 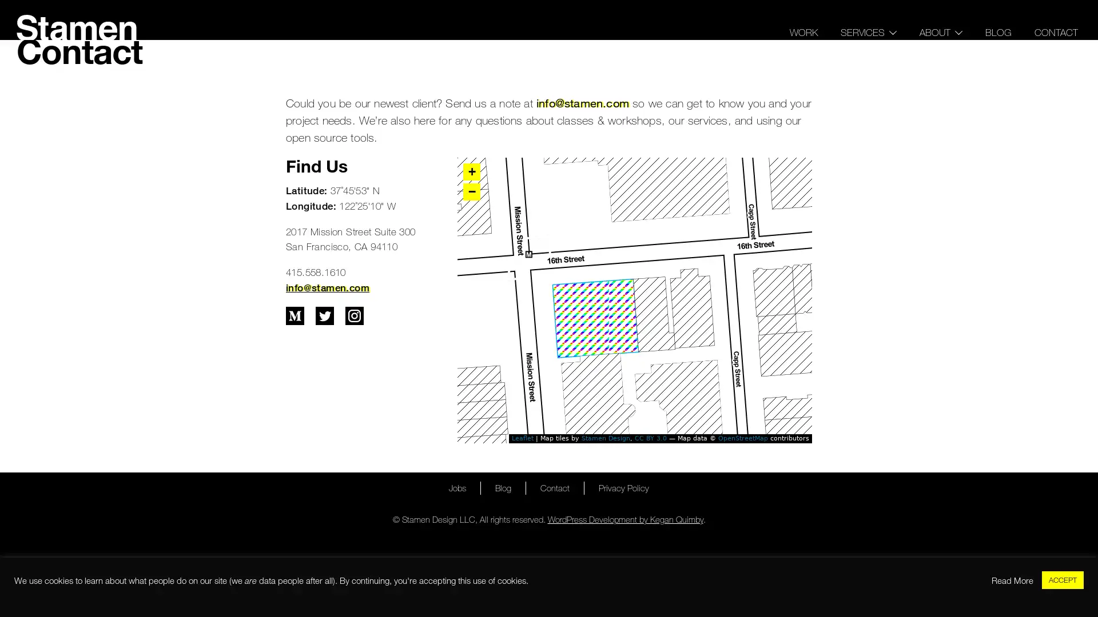 What do you see at coordinates (472, 191) in the screenshot?
I see `Zoom out` at bounding box center [472, 191].